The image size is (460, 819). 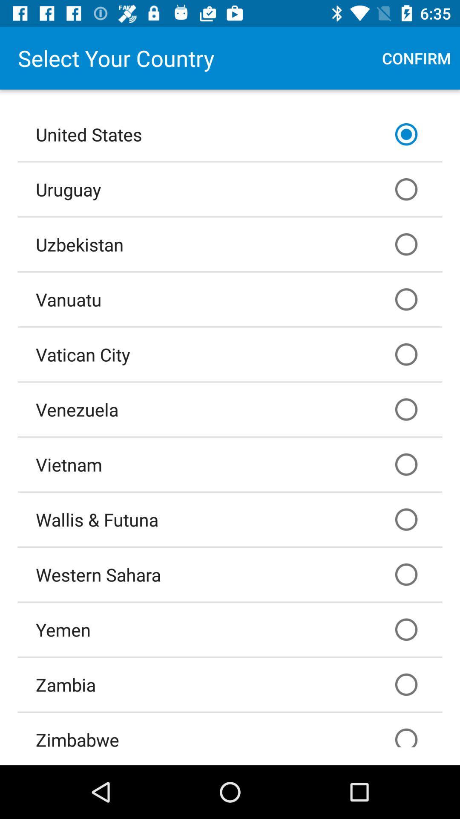 I want to click on the item below venezuela item, so click(x=230, y=464).